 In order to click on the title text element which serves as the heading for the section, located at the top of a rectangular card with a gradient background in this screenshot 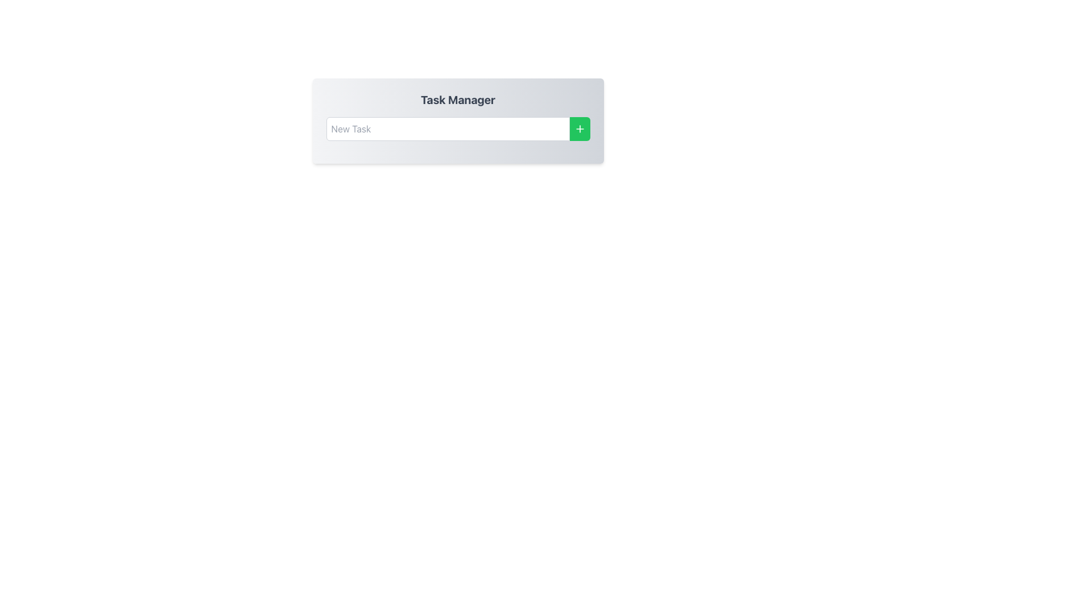, I will do `click(458, 99)`.